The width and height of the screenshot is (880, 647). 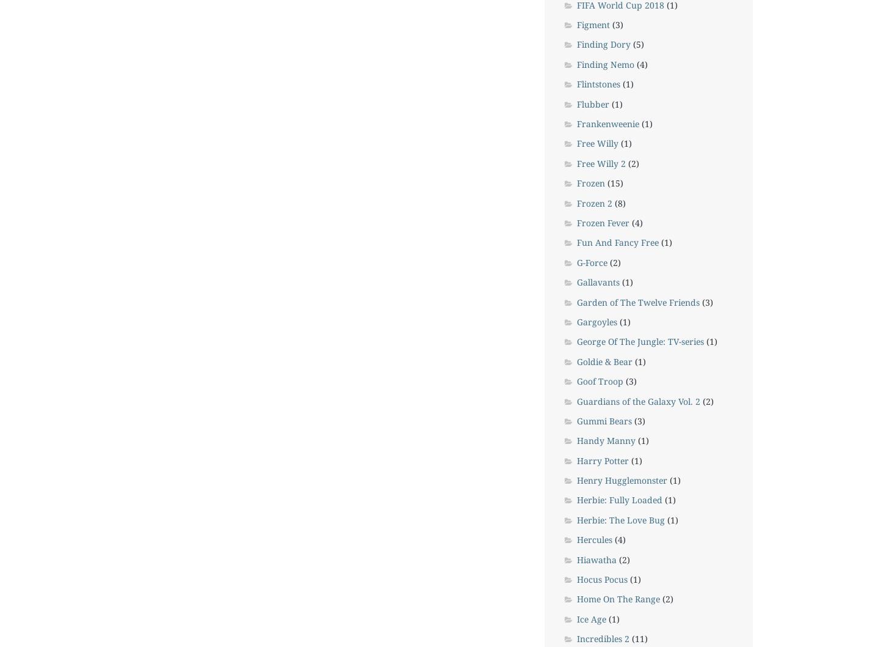 I want to click on 'Harry Potter', so click(x=601, y=460).